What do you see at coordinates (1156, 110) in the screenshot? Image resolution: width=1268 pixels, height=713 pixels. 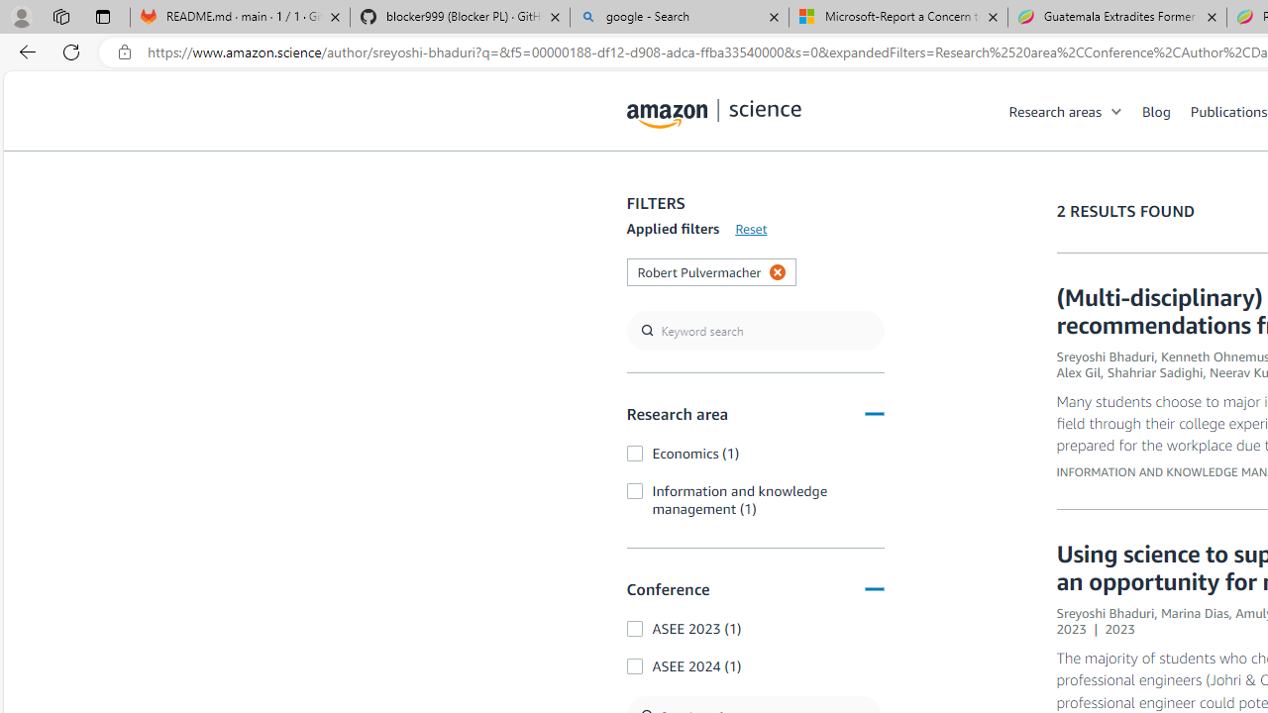 I see `'Blog'` at bounding box center [1156, 110].